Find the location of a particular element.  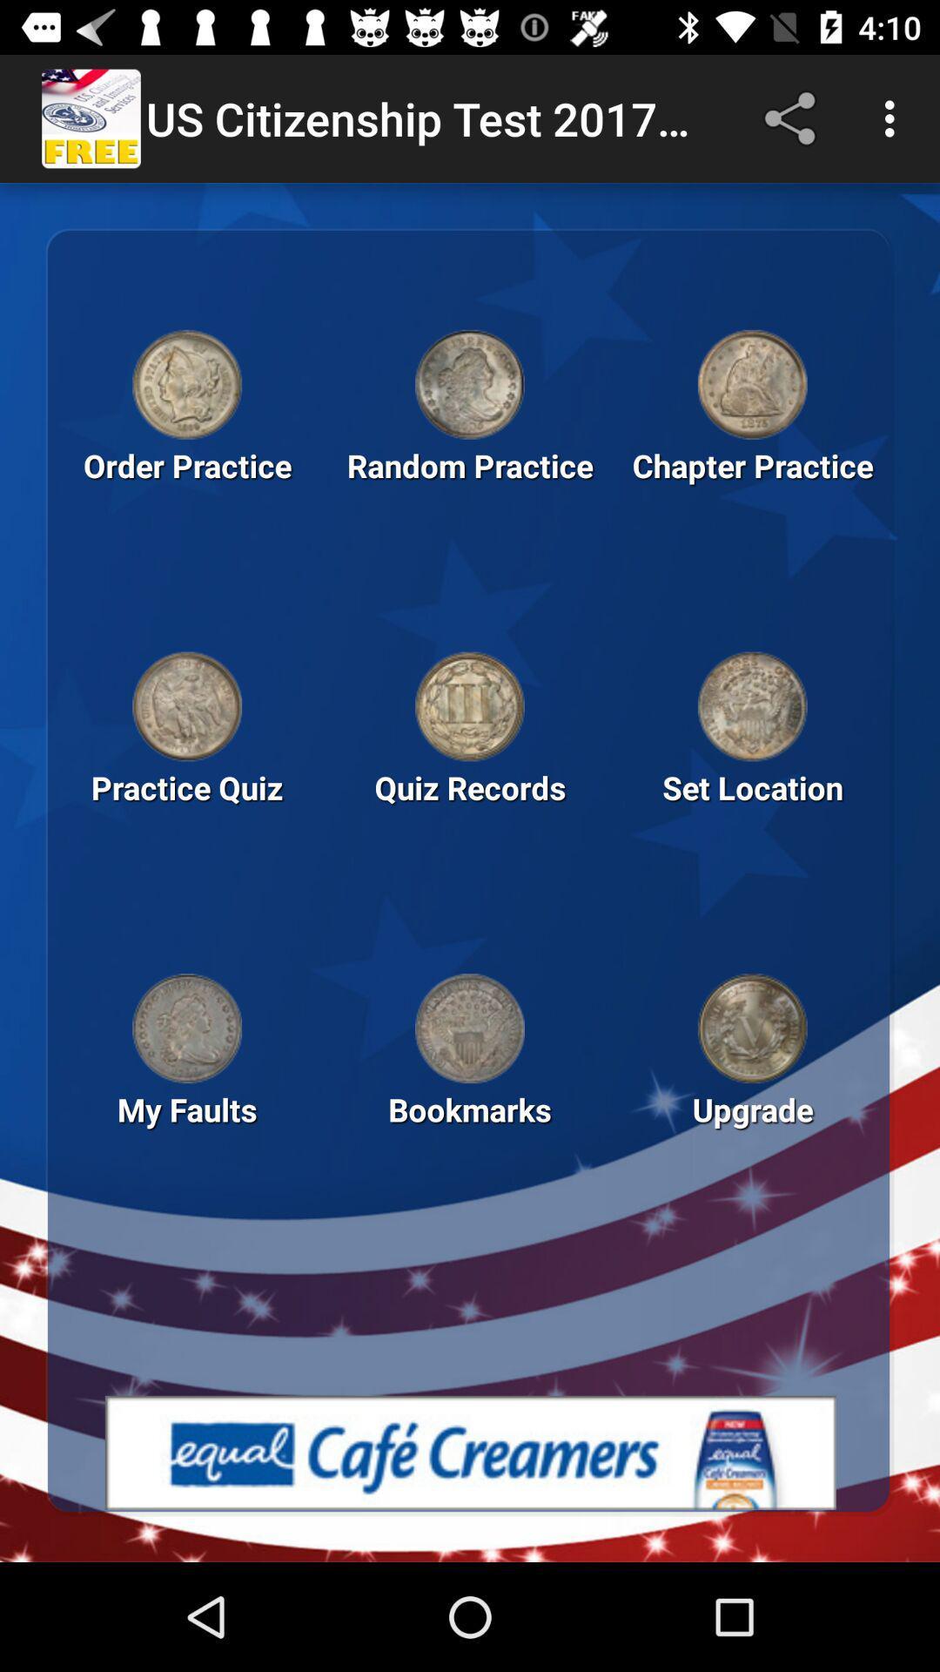

the coin which is above the random practice text is located at coordinates (470, 383).